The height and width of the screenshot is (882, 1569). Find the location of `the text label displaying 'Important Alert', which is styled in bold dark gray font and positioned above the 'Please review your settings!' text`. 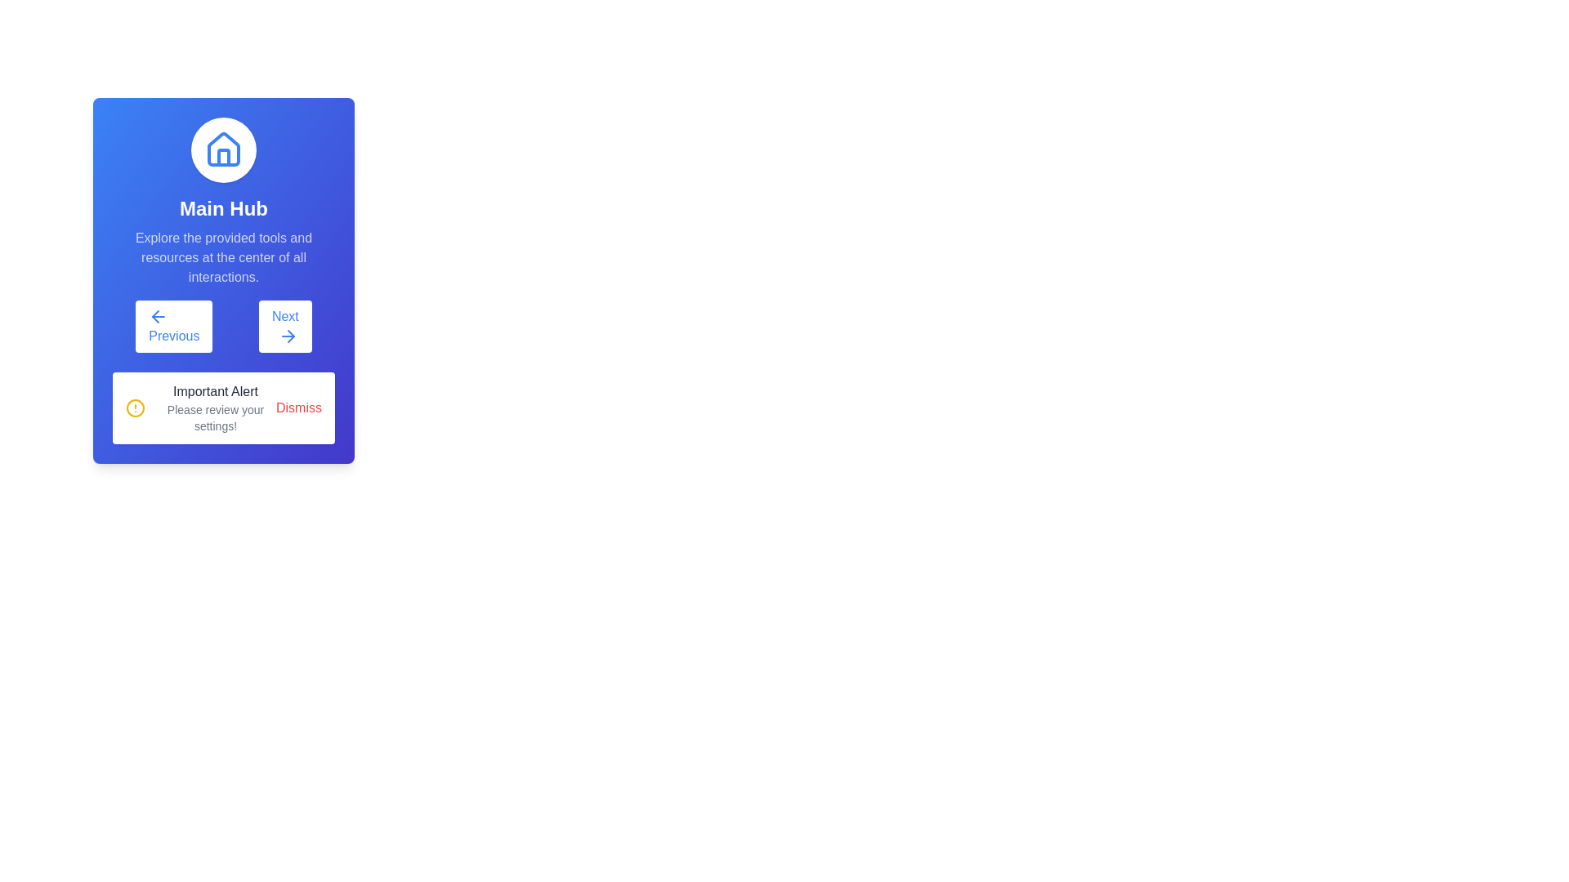

the text label displaying 'Important Alert', which is styled in bold dark gray font and positioned above the 'Please review your settings!' text is located at coordinates (215, 391).